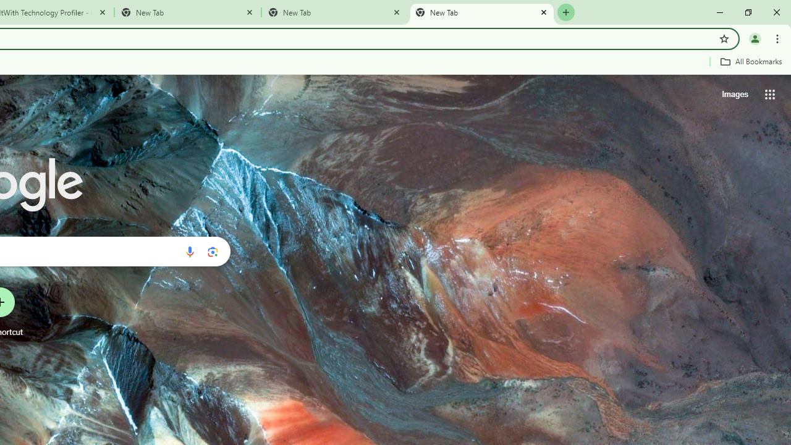  I want to click on 'Search by image', so click(213, 251).